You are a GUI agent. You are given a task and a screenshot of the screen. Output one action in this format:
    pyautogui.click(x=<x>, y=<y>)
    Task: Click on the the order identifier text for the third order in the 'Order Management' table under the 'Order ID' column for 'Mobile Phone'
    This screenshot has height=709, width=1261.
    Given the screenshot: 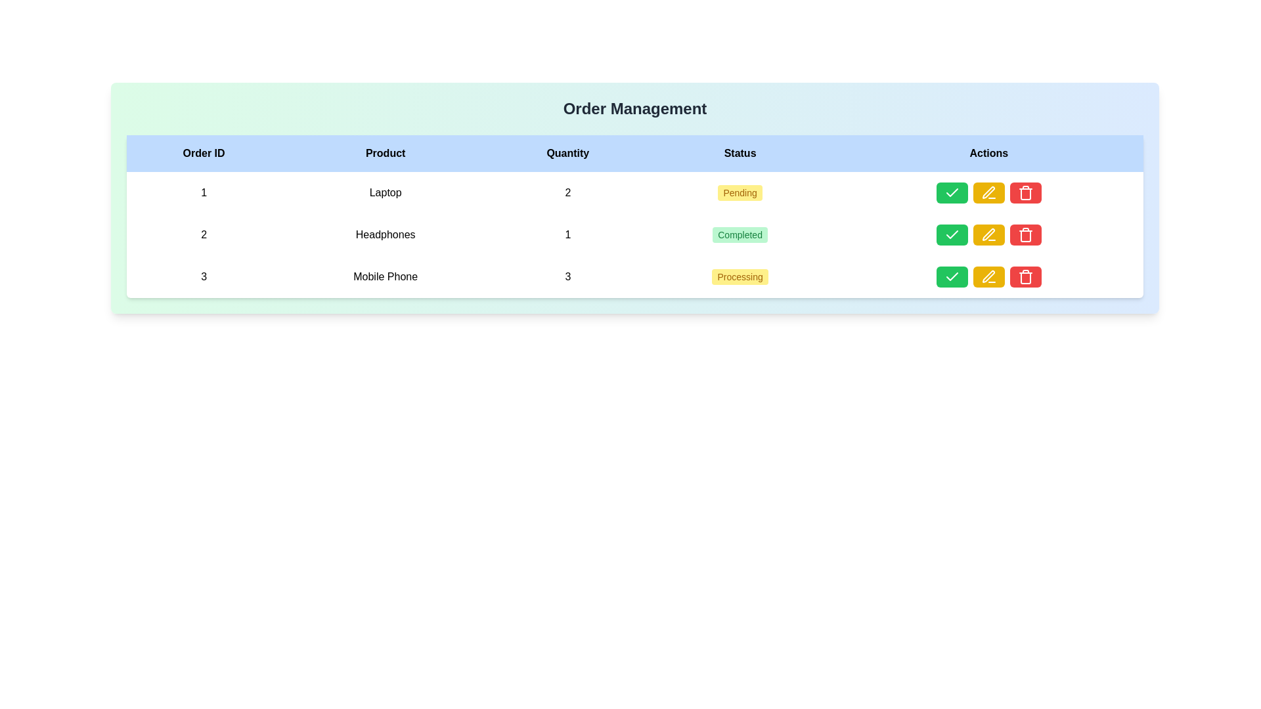 What is the action you would take?
    pyautogui.click(x=203, y=276)
    